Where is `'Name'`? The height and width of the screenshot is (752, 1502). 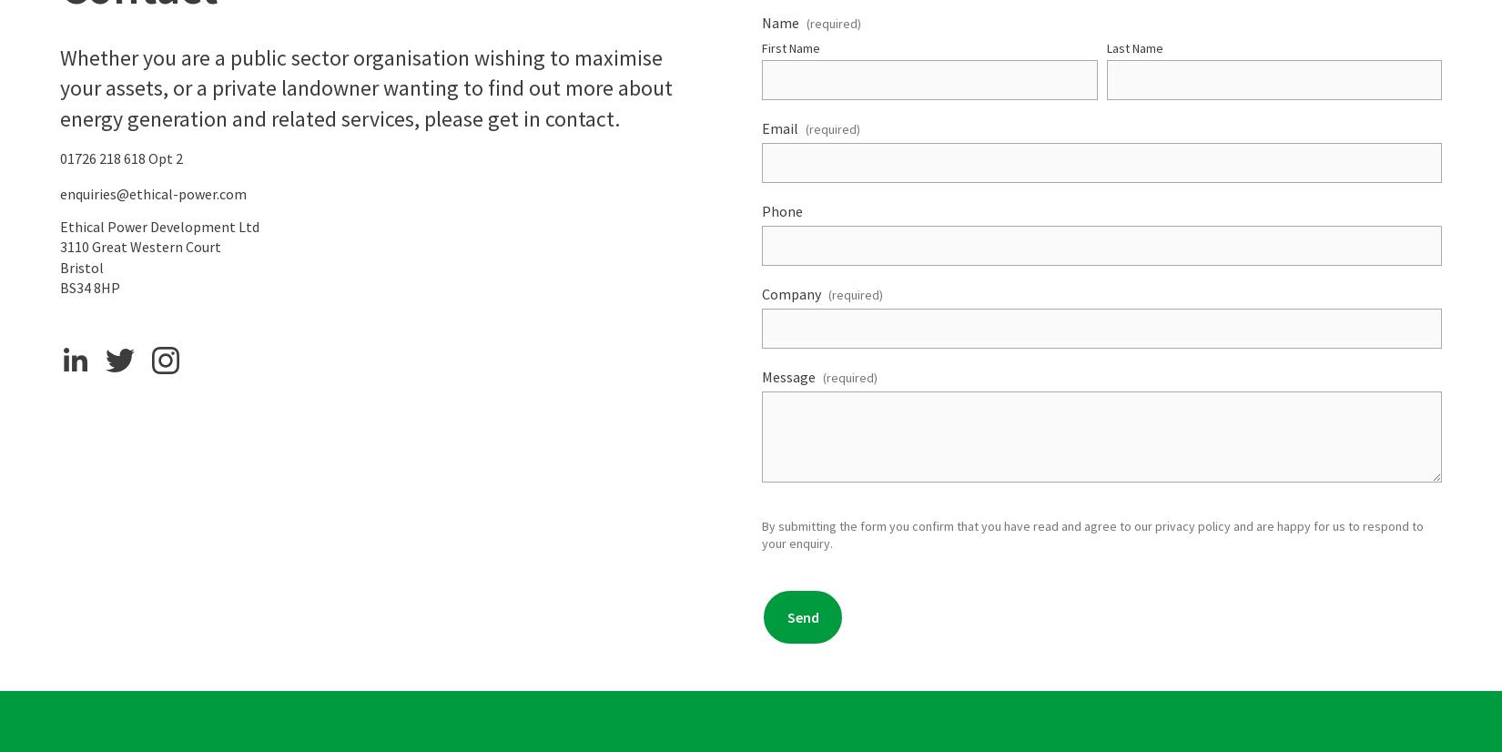
'Name' is located at coordinates (780, 22).